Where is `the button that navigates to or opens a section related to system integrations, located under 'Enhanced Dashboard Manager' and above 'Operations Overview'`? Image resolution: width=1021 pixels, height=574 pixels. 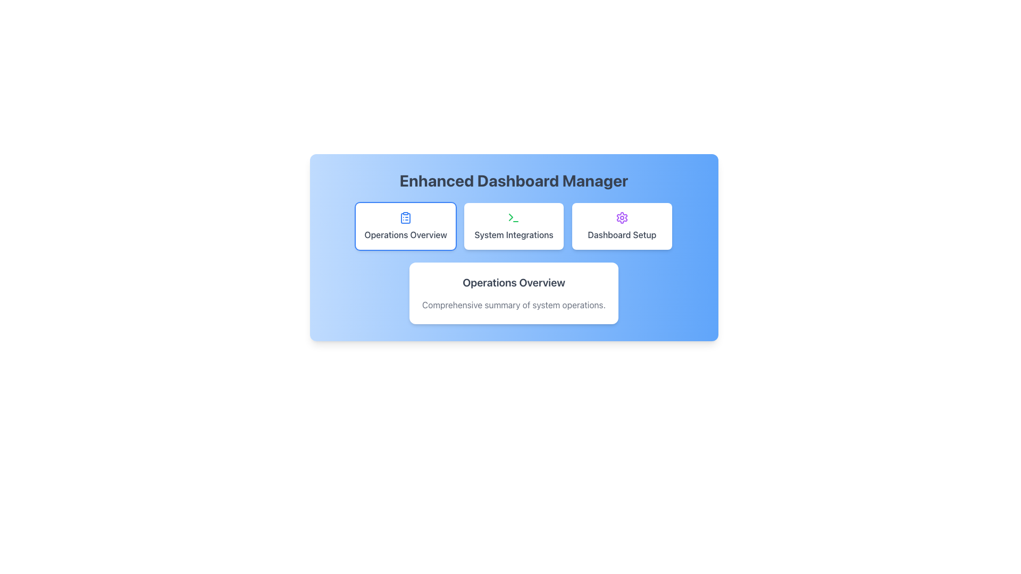
the button that navigates to or opens a section related to system integrations, located under 'Enhanced Dashboard Manager' and above 'Operations Overview' is located at coordinates (514, 225).